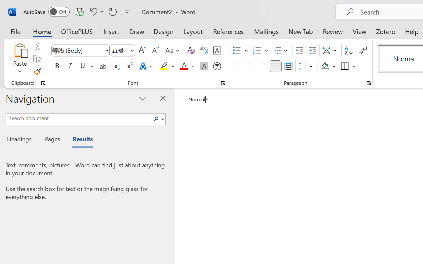 This screenshot has height=264, width=423. I want to click on 'Multilevel List', so click(281, 50).